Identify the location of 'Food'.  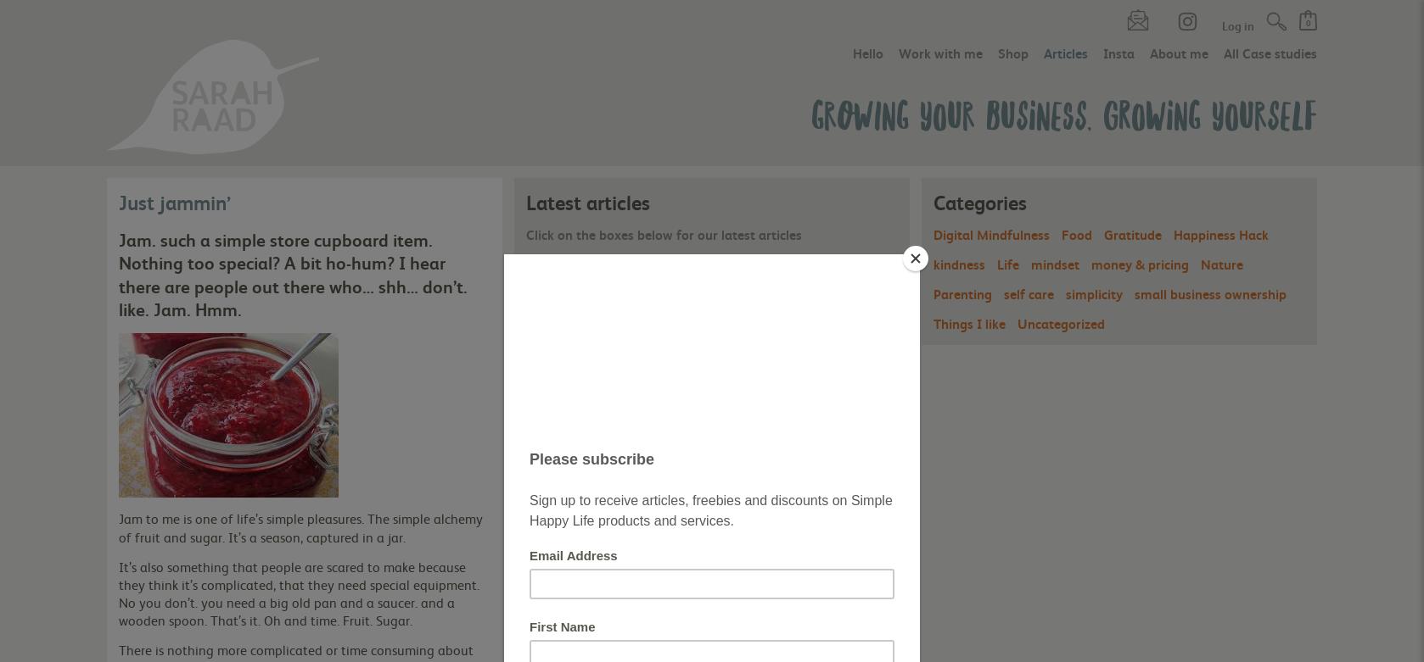
(1061, 233).